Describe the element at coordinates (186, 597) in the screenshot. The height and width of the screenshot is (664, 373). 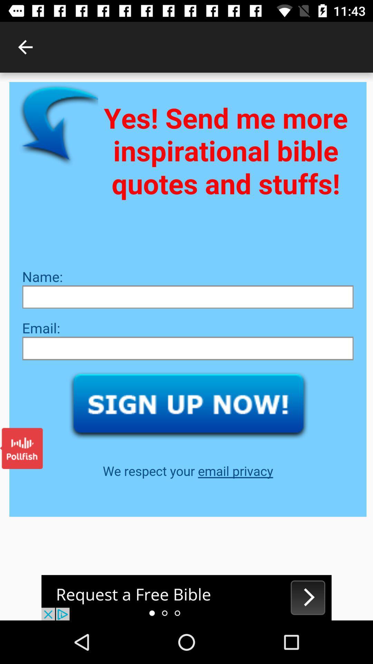
I see `advertisement` at that location.